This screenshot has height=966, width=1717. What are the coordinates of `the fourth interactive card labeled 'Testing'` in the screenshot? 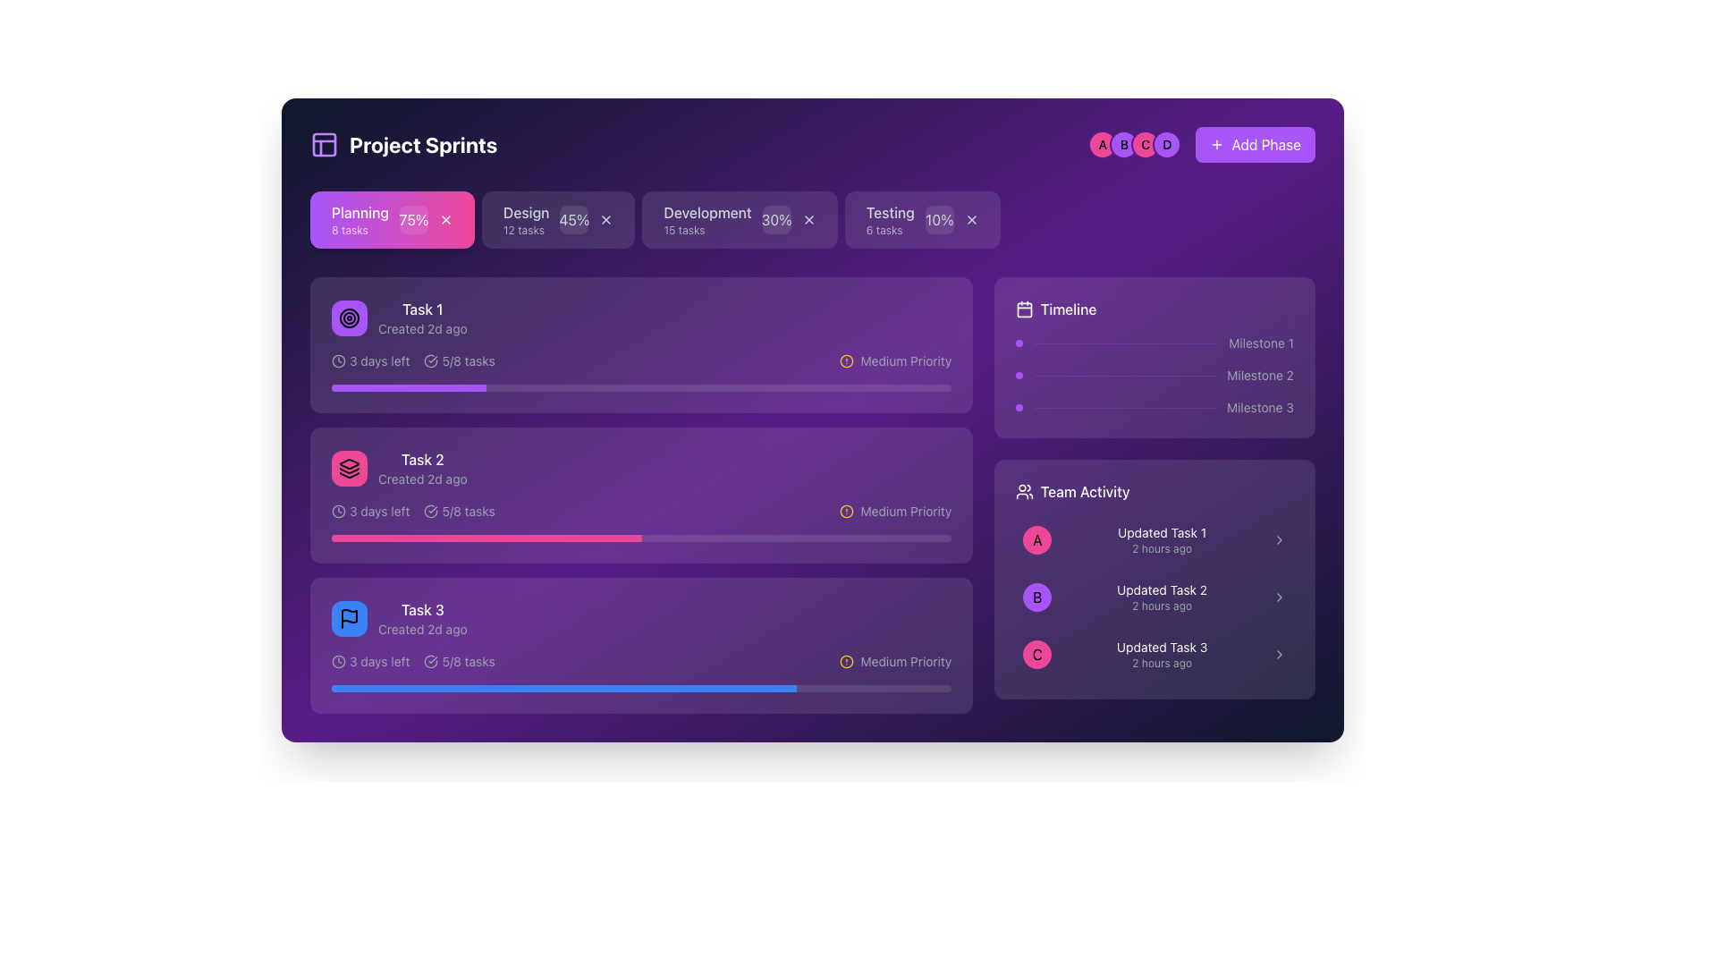 It's located at (922, 219).